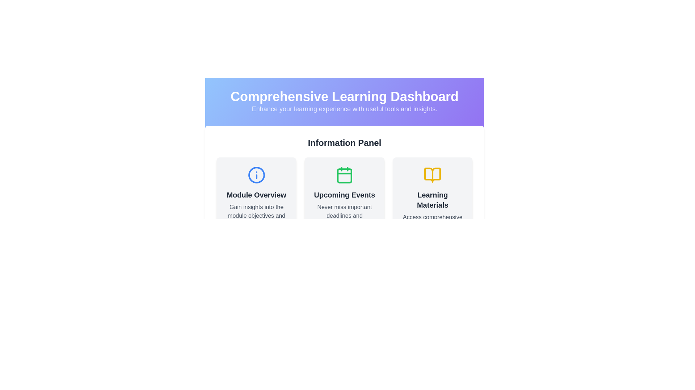 The width and height of the screenshot is (695, 390). Describe the element at coordinates (256, 175) in the screenshot. I see `the information icon located at the center of the left card under the 'Information Panel' section` at that location.